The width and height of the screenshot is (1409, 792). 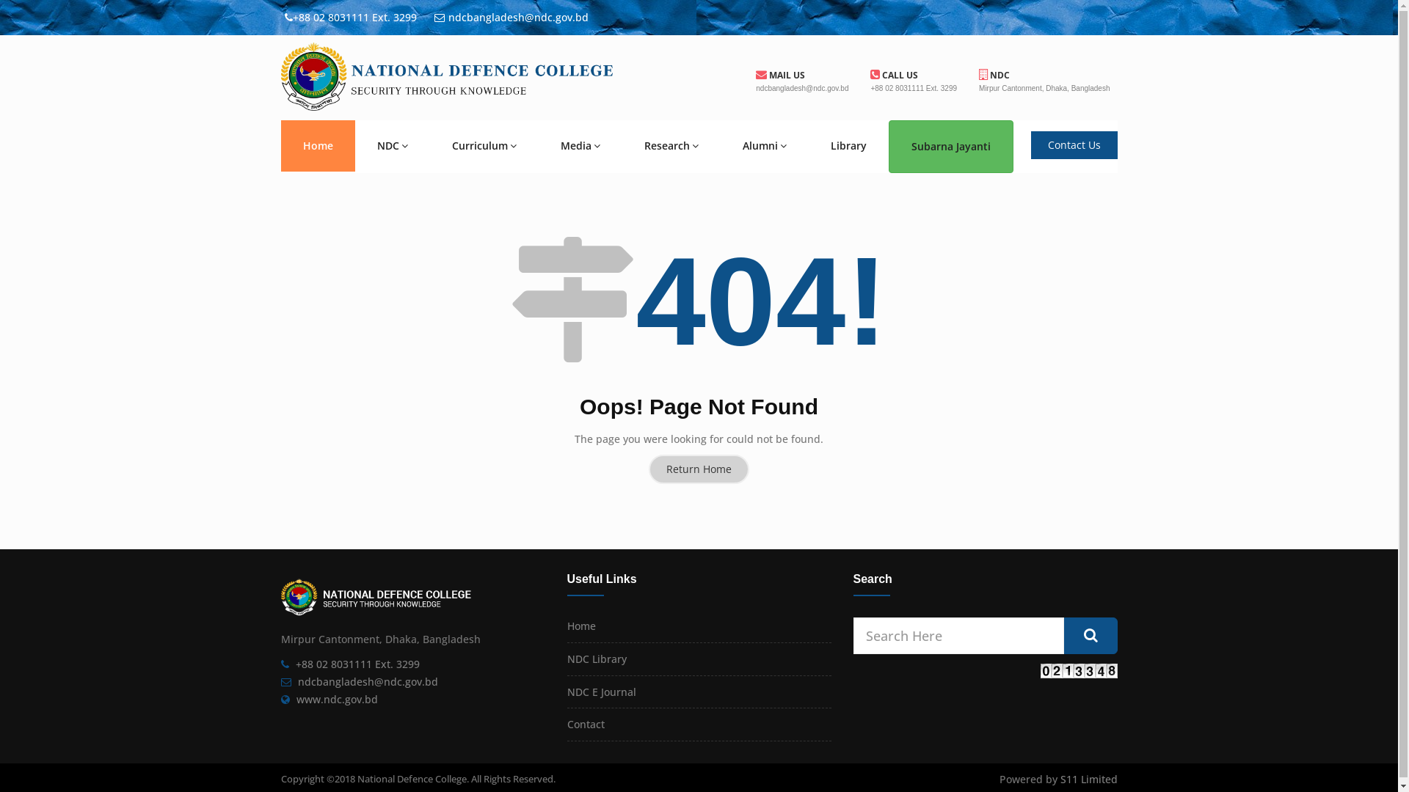 I want to click on 'Alumni', so click(x=763, y=146).